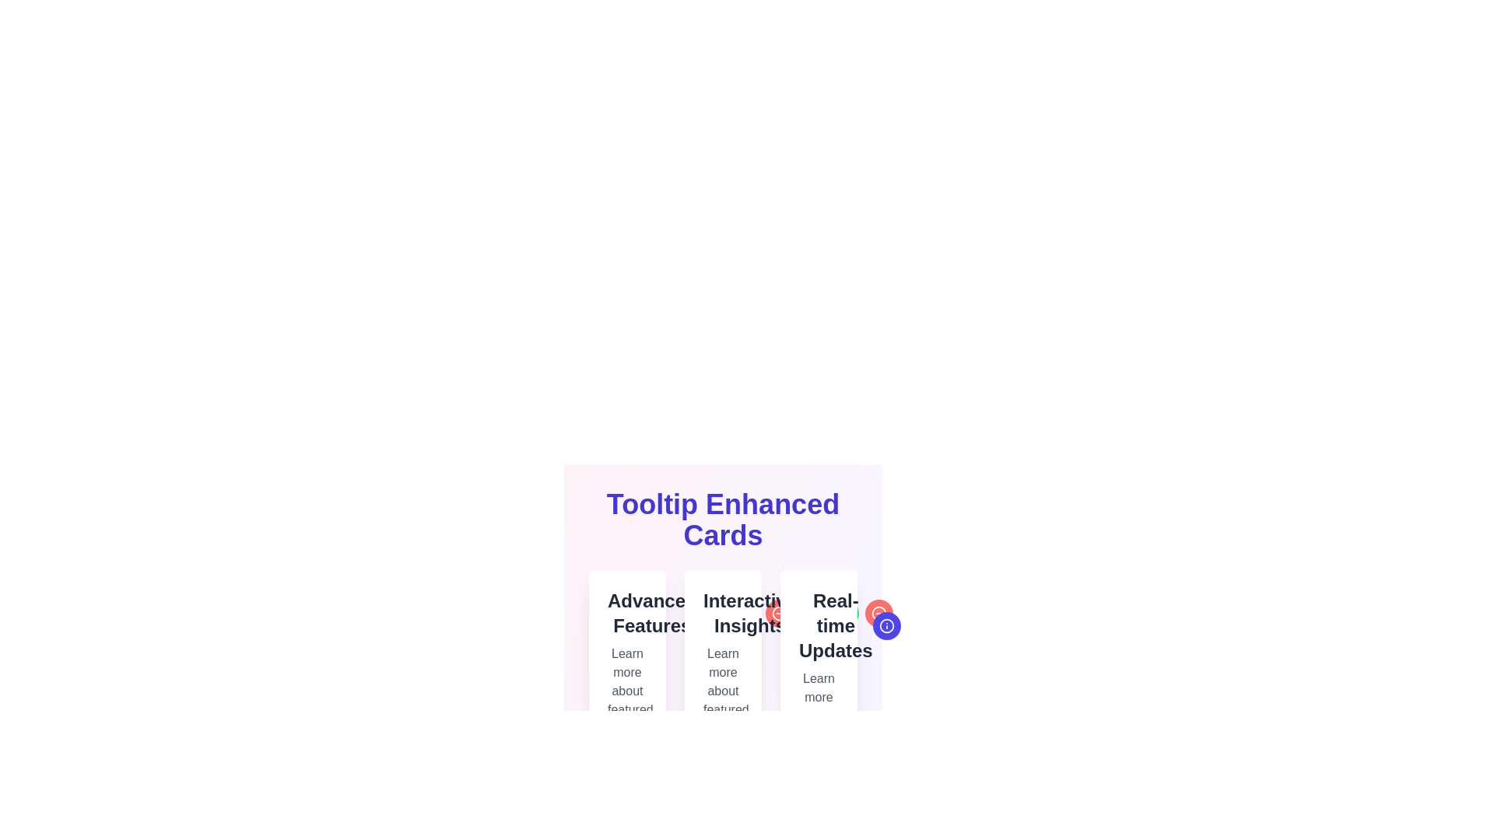 The height and width of the screenshot is (840, 1494). I want to click on the green circular button with a plus icon, the second in a sequence of three buttons aligned horizontally on the right side of the 'Interactive Insights' section, so click(744, 613).